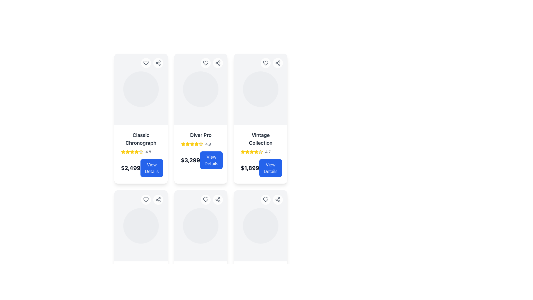 This screenshot has width=533, height=300. Describe the element at coordinates (200, 150) in the screenshot. I see `the 'View Details' button on the 'Diver Pro' information card, which is the second card from the left in the top row of the grid displaying product information` at that location.